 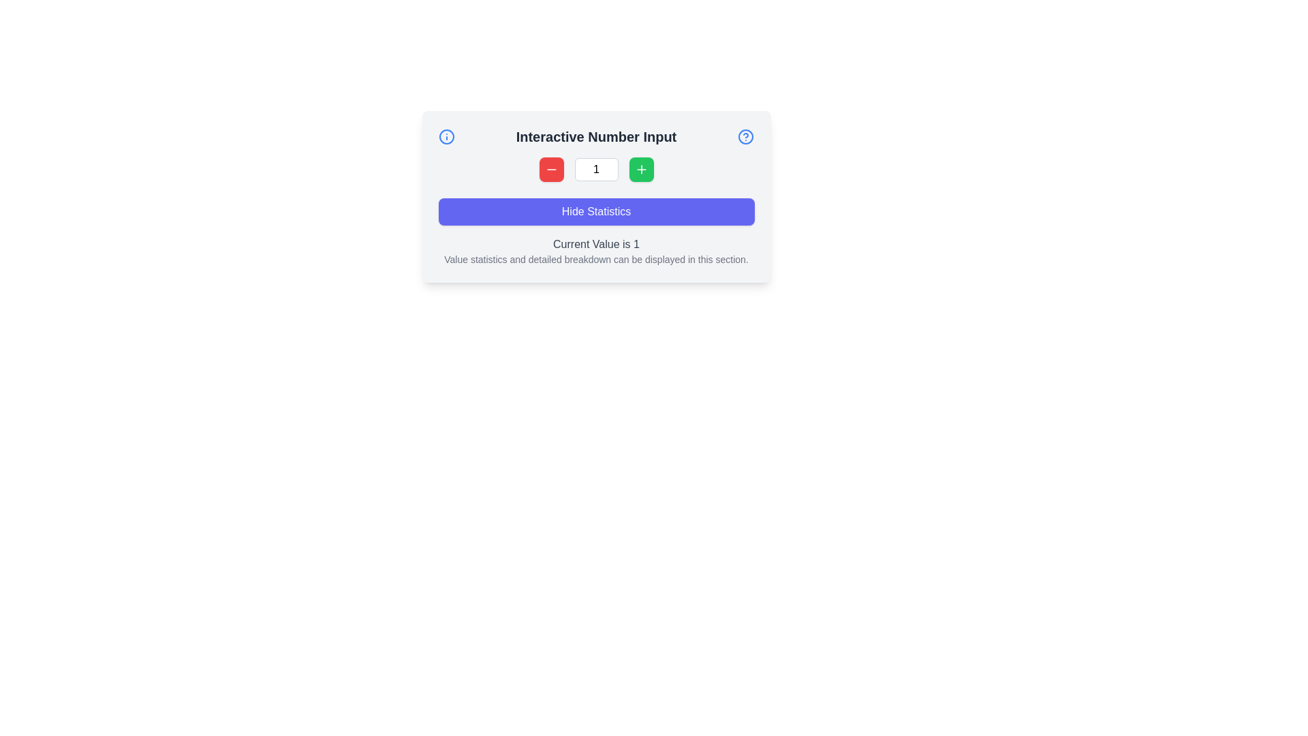 I want to click on the plus sign icon inside the green rounded button located on the right side of the number input field, so click(x=640, y=169).